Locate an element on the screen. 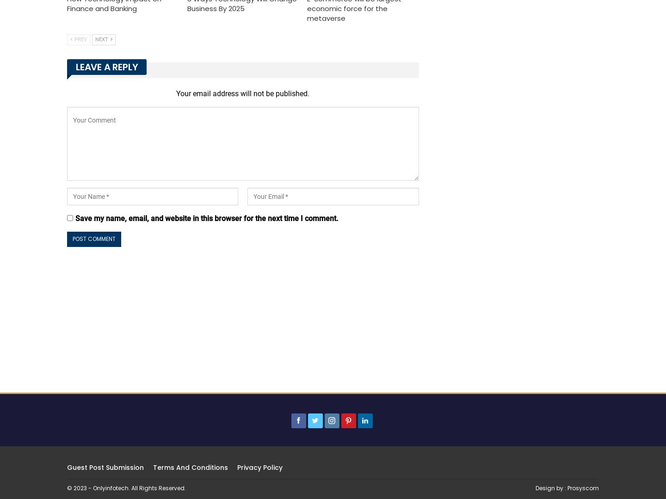 The width and height of the screenshot is (666, 499). 'Privacy Policy' is located at coordinates (237, 467).